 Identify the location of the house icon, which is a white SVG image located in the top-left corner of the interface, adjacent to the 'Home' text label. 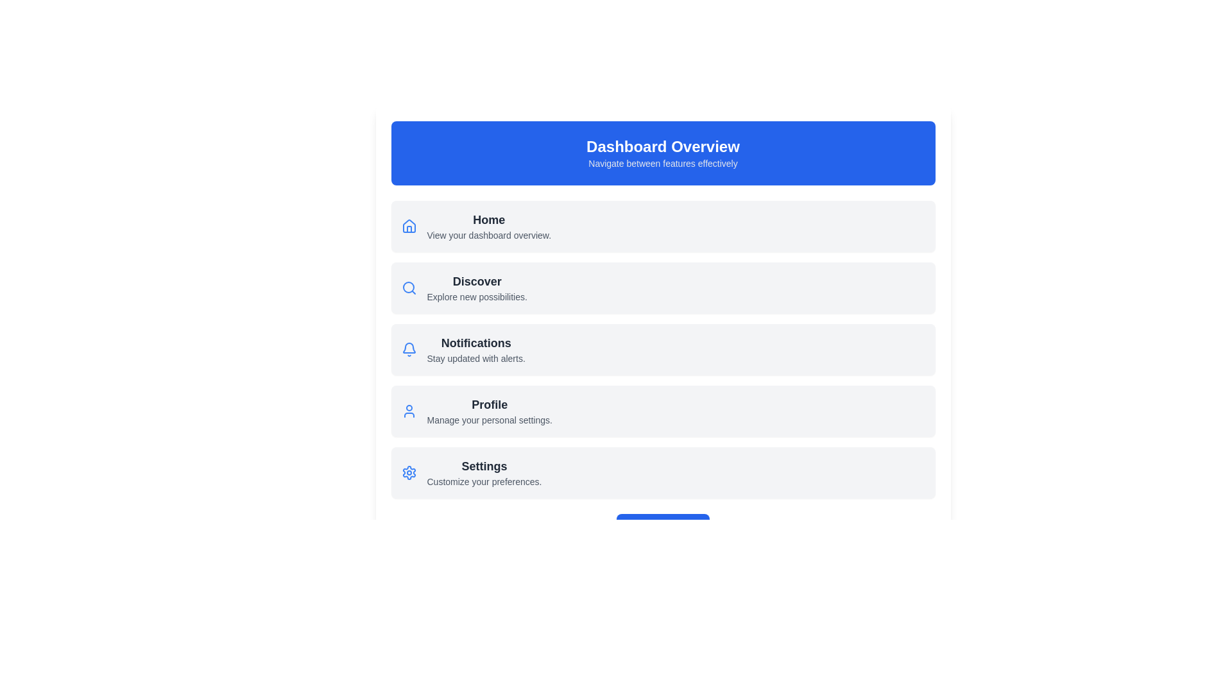
(408, 228).